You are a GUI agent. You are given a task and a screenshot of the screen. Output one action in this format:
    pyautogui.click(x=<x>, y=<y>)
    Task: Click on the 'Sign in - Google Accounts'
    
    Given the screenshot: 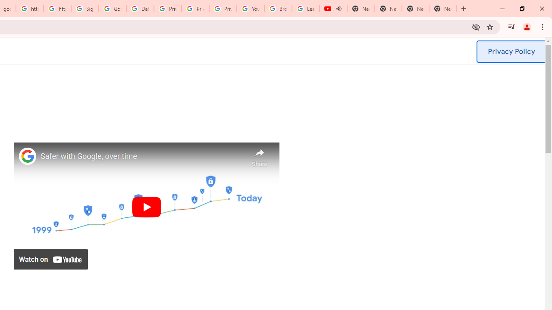 What is the action you would take?
    pyautogui.click(x=85, y=9)
    